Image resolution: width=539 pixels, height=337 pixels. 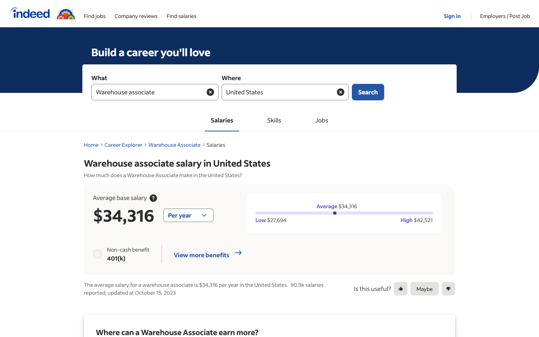 I want to click on Navigate back to the page of Warehouse Associate, so click(x=174, y=145).